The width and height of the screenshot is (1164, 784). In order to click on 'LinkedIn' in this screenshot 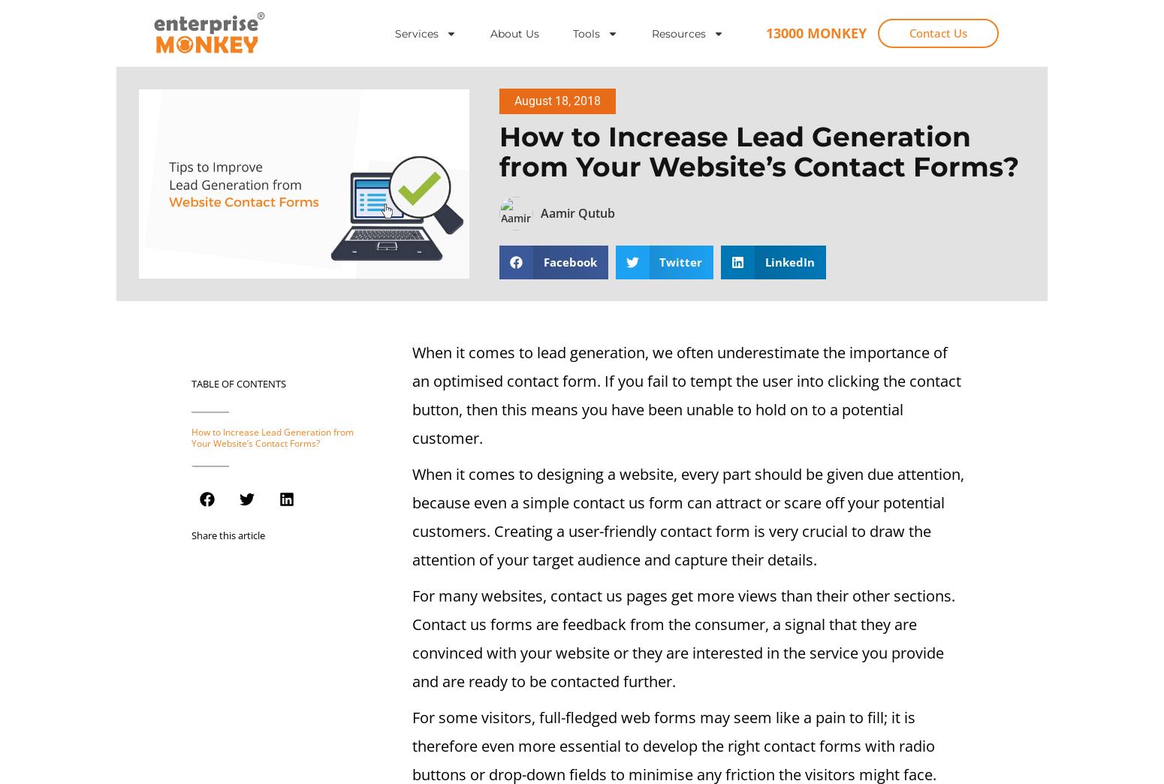, I will do `click(789, 262)`.